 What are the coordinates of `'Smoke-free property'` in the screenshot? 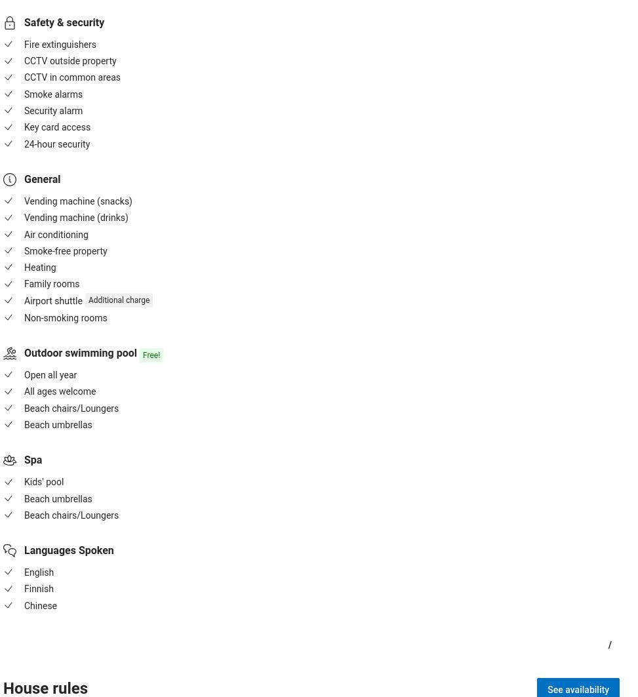 It's located at (65, 250).